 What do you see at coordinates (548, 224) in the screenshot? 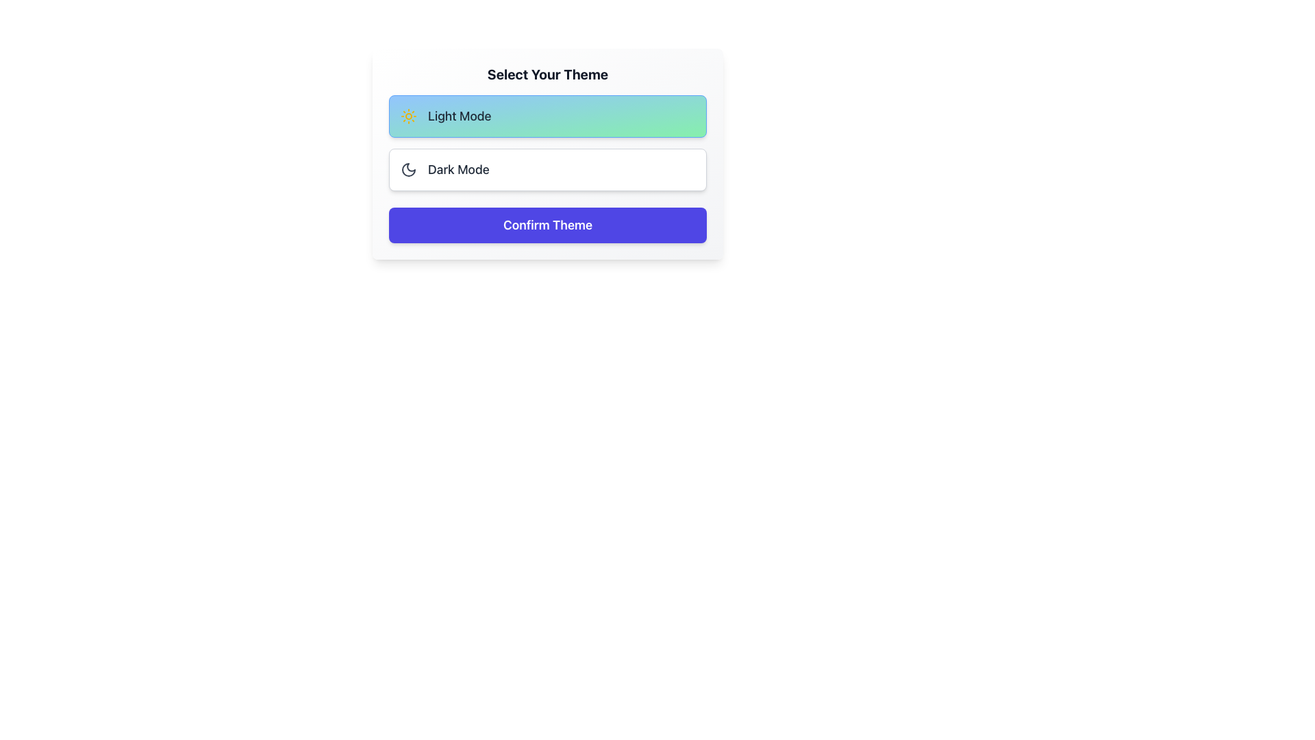
I see `the 'Confirm Theme' button, which is a rectangular button with rounded corners and a vibrant indigo background` at bounding box center [548, 224].